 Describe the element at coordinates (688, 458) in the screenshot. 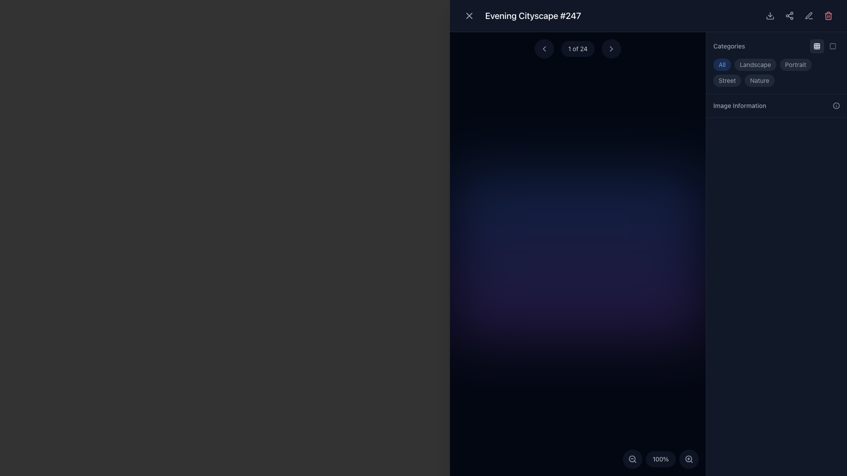

I see `the magnifying glass icon with a '+' symbol inside the round button located in the bottom-right corner` at that location.